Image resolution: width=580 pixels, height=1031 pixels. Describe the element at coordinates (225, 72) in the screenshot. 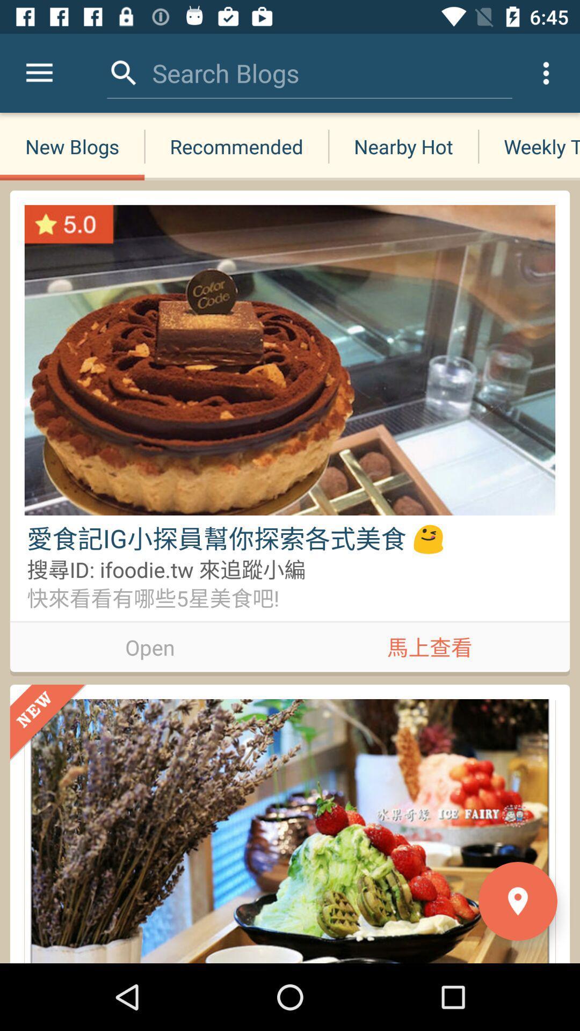

I see `the search blogs item` at that location.